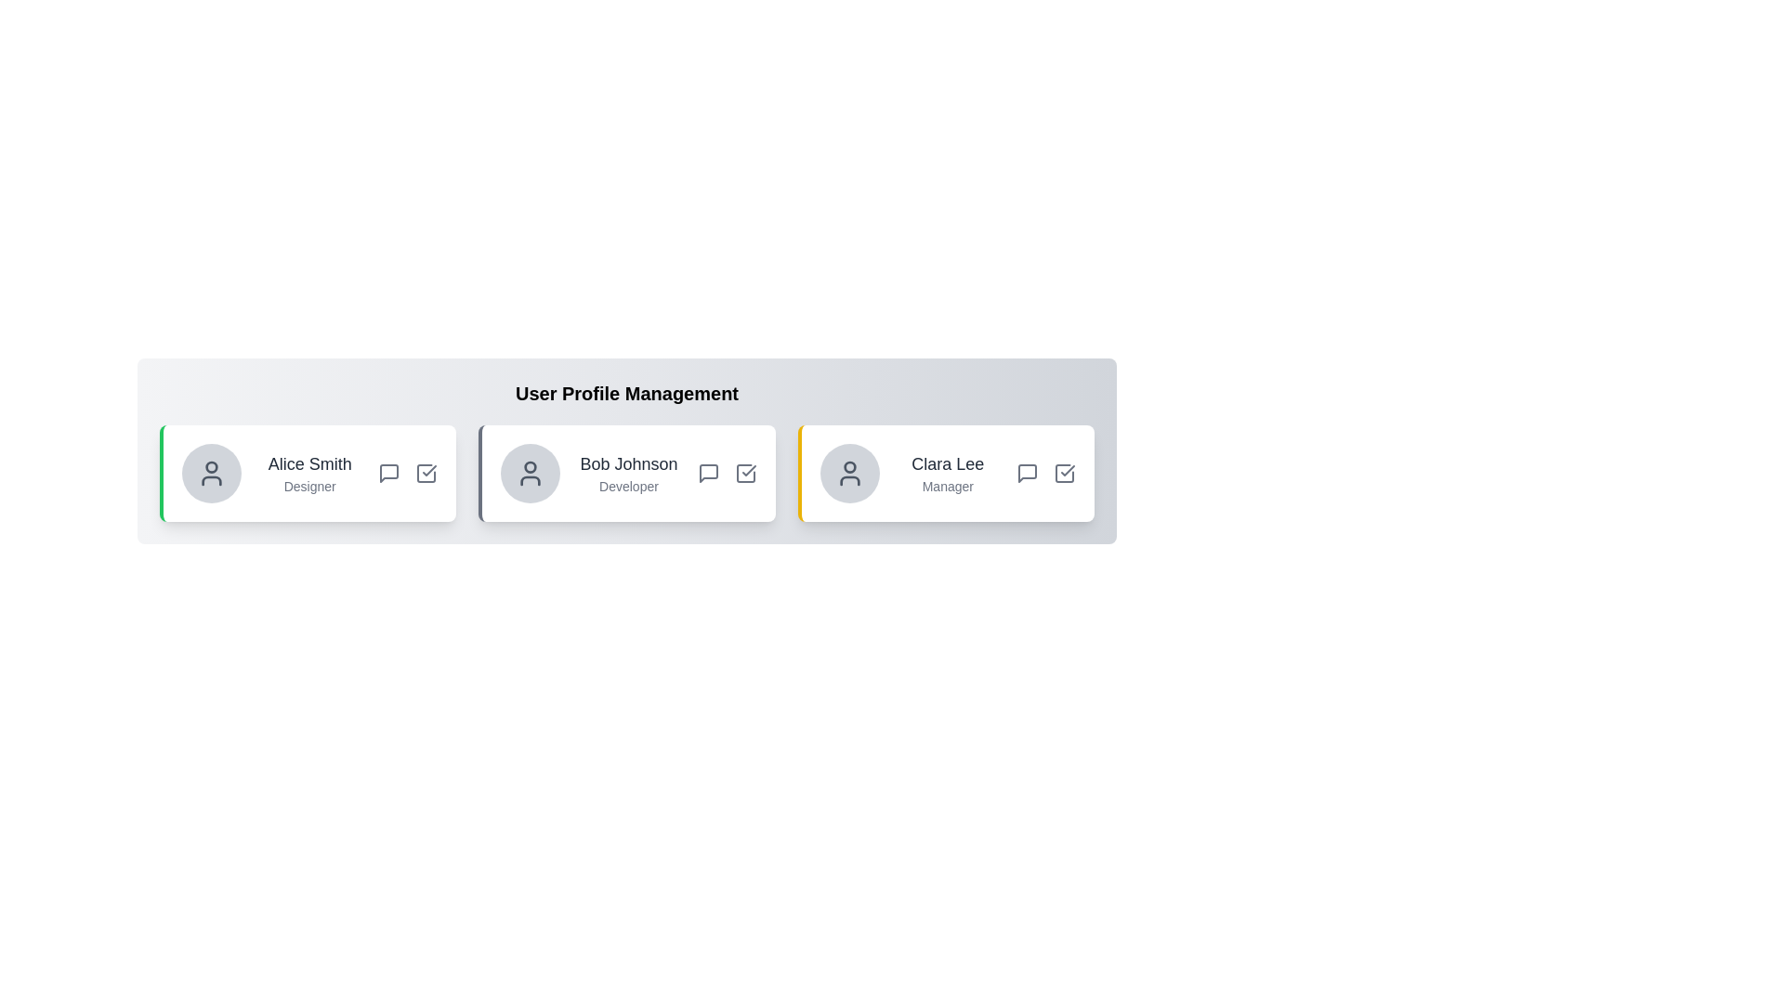 This screenshot has height=1003, width=1784. What do you see at coordinates (948, 472) in the screenshot?
I see `the static text display showing the name and title of Clara Lee located in the third profile card under 'User Profile Management'` at bounding box center [948, 472].